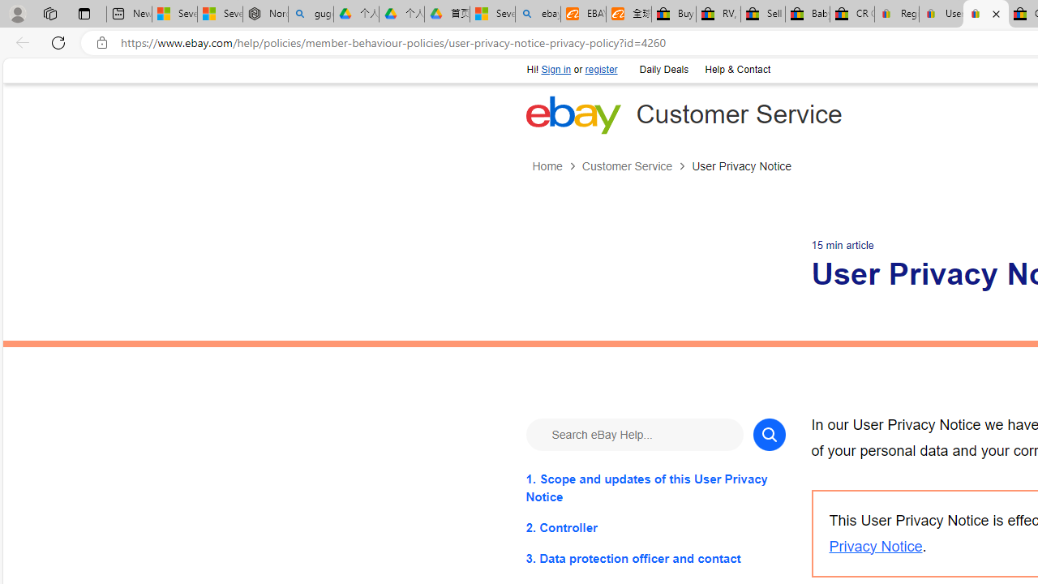  Describe the element at coordinates (673, 14) in the screenshot. I see `'Buy Auto Parts & Accessories | eBay'` at that location.